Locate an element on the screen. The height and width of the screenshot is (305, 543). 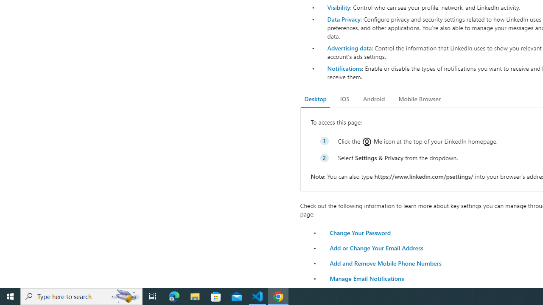
'Data Privacy' is located at coordinates (344, 19).